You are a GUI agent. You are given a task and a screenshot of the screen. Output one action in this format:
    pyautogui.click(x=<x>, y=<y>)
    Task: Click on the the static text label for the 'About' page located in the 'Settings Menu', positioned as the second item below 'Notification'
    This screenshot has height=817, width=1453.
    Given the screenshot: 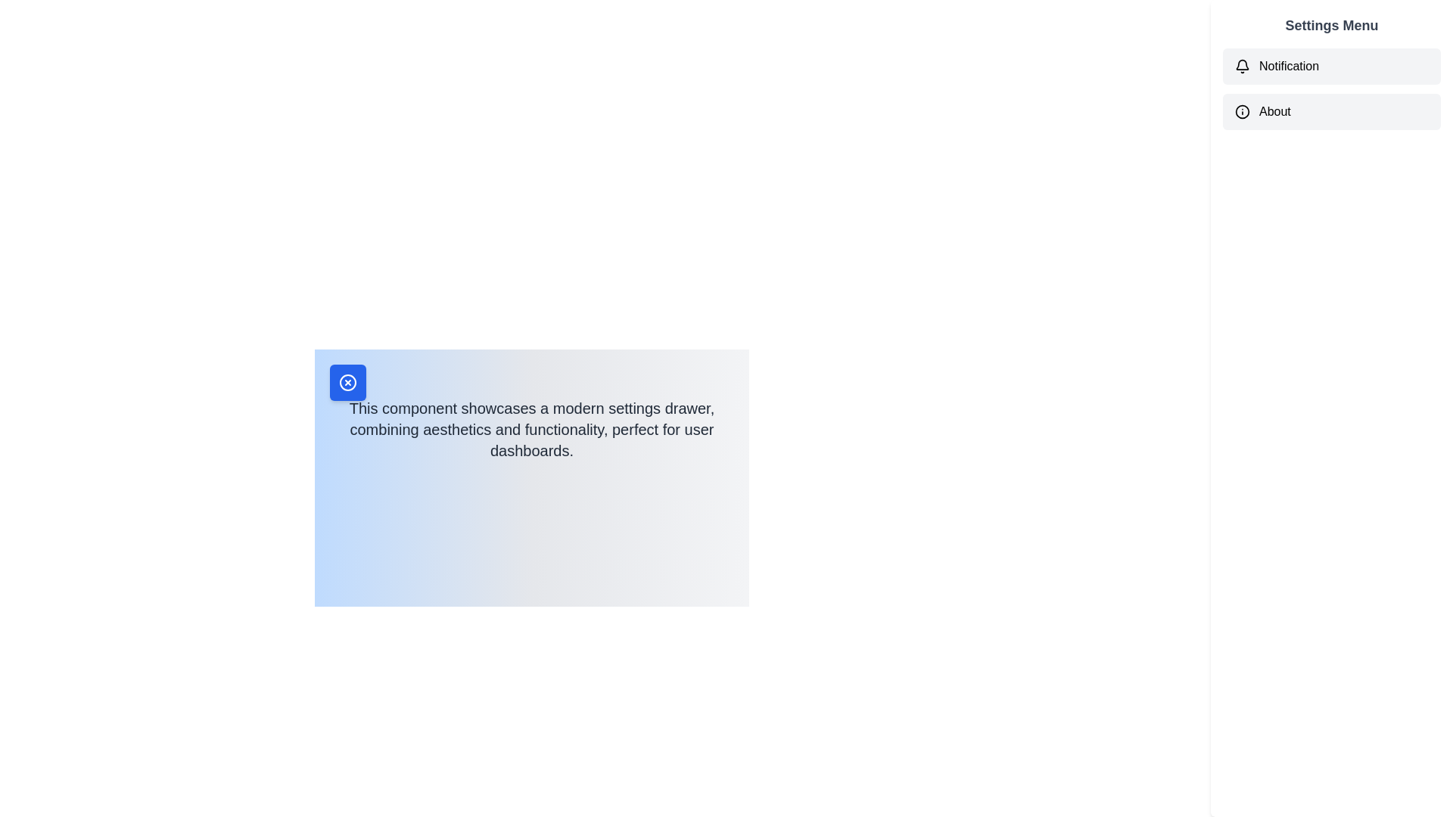 What is the action you would take?
    pyautogui.click(x=1274, y=110)
    